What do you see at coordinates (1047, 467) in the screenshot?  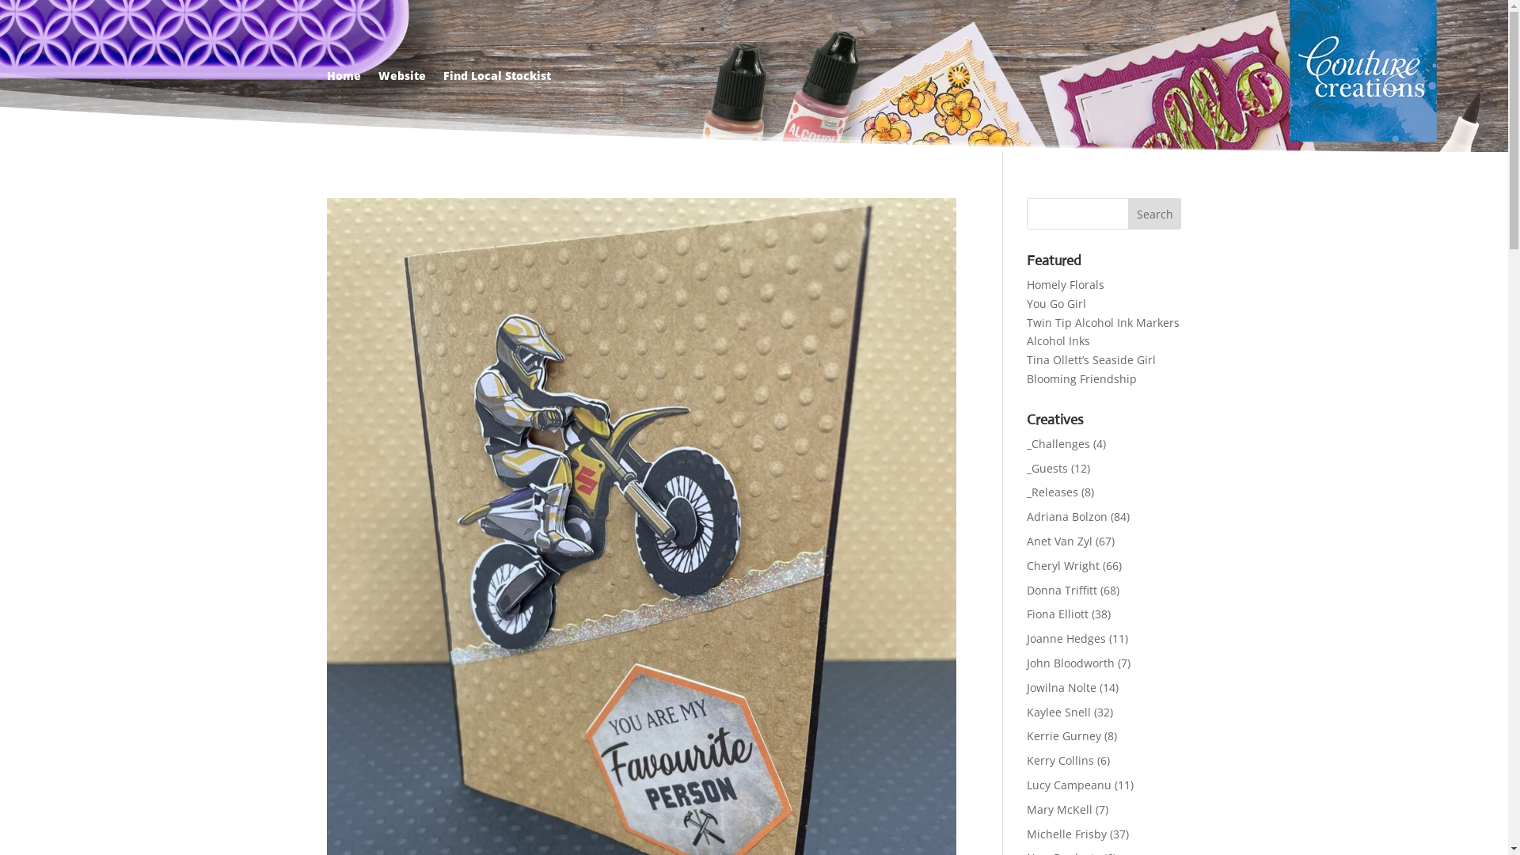 I see `'_Guests'` at bounding box center [1047, 467].